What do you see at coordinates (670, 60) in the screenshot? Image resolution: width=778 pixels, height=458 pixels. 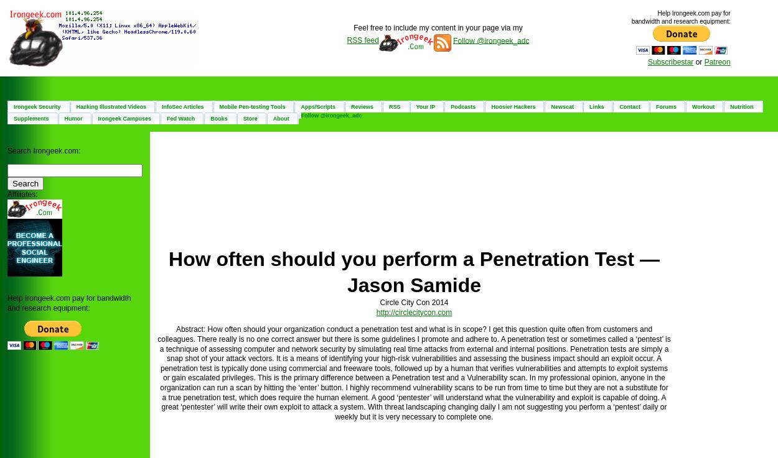 I see `'Subscribestar'` at bounding box center [670, 60].